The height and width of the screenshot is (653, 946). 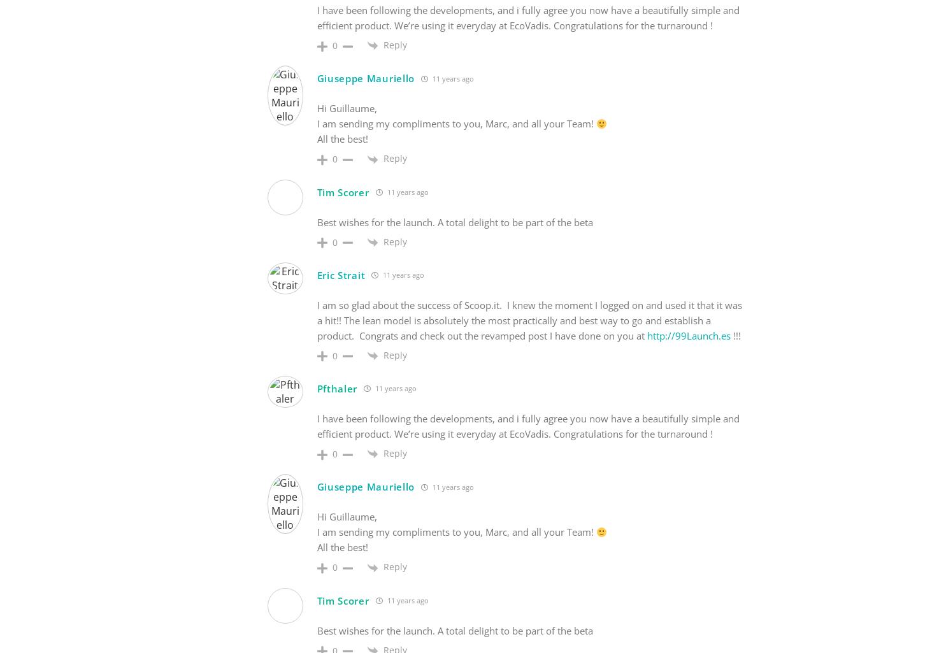 What do you see at coordinates (735, 334) in the screenshot?
I see `'!!!'` at bounding box center [735, 334].